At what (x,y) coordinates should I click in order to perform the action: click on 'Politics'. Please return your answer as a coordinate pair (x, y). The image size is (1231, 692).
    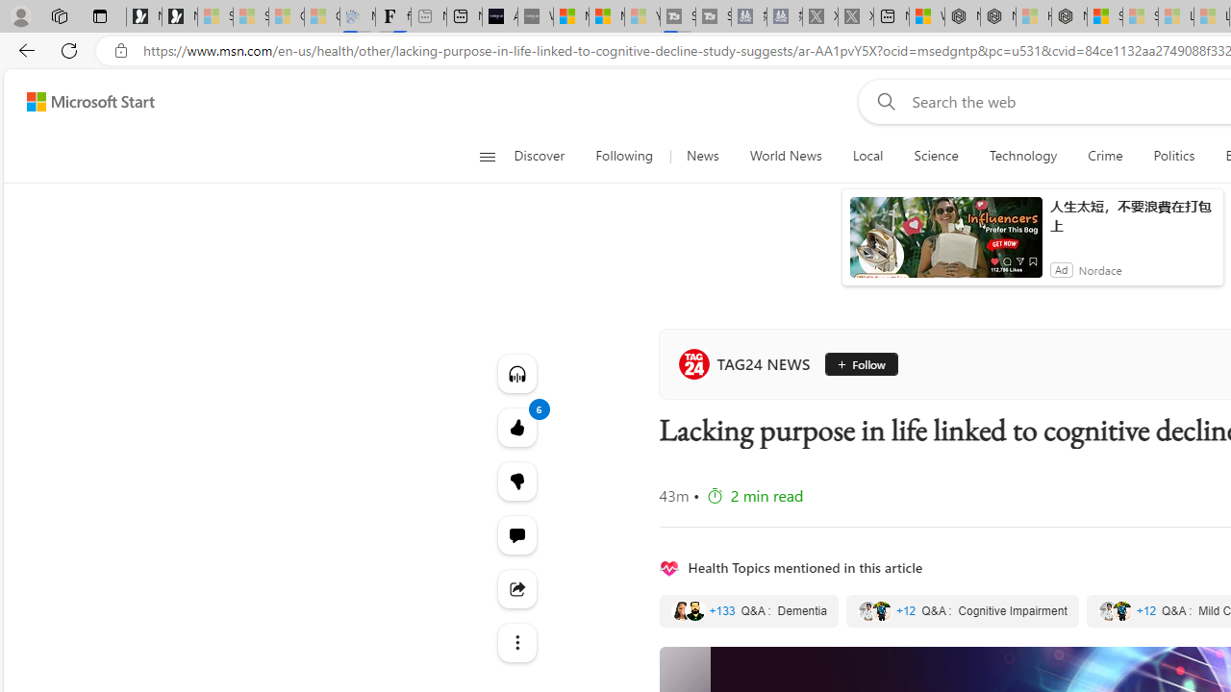
    Looking at the image, I should click on (1173, 156).